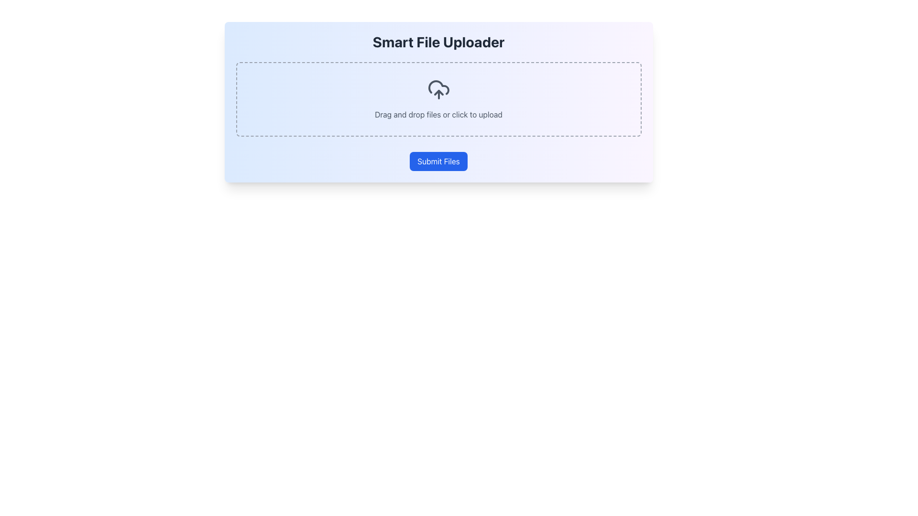 This screenshot has height=516, width=918. Describe the element at coordinates (438, 99) in the screenshot. I see `the file upload zone, which is designed for drag-and-drop operations or click interaction to trigger file selection` at that location.